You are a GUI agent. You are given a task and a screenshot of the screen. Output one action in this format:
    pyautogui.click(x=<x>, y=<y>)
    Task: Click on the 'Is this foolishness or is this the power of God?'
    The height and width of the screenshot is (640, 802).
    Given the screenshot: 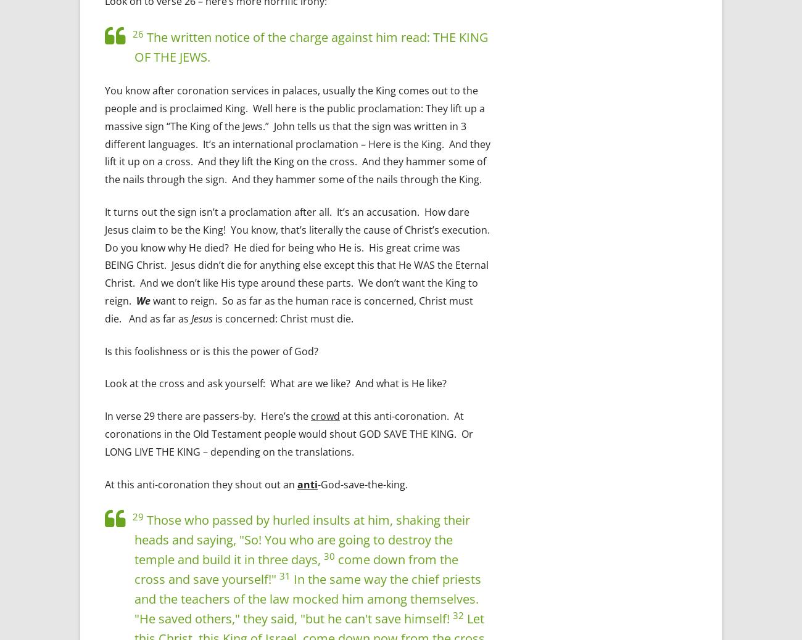 What is the action you would take?
    pyautogui.click(x=210, y=350)
    